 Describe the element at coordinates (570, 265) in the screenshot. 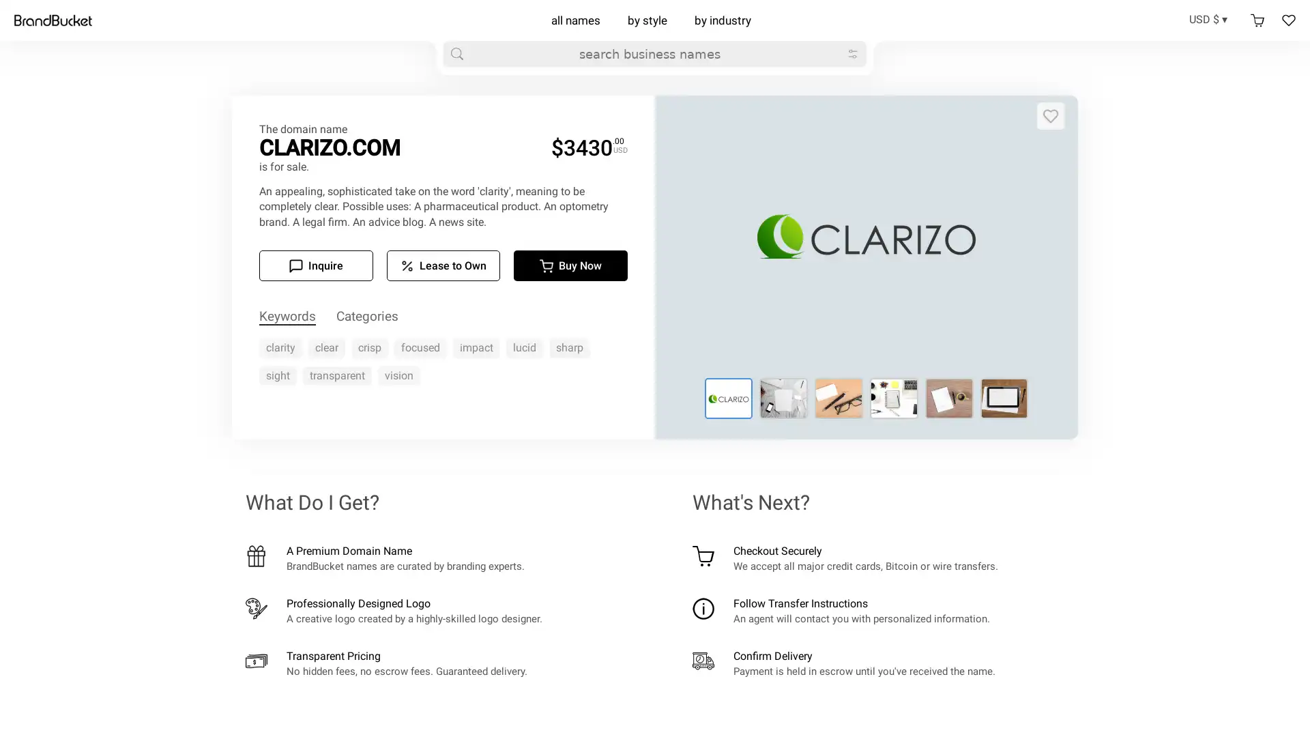

I see `Buy now Buy Now` at that location.